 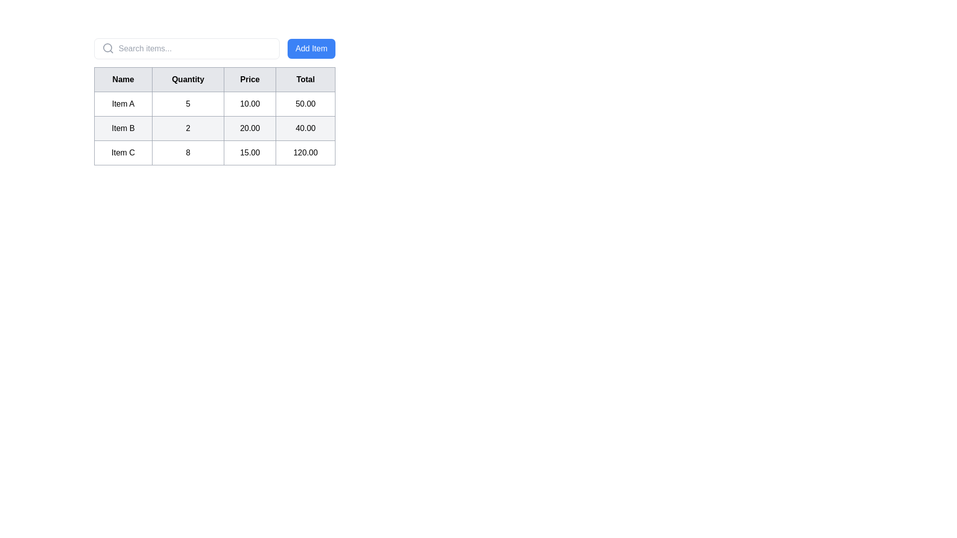 I want to click on the static display text showing '40.00' located in the fourth column of the second row of the table, which is styled with center-aligned text and bordered within a grid layout, so click(x=305, y=128).